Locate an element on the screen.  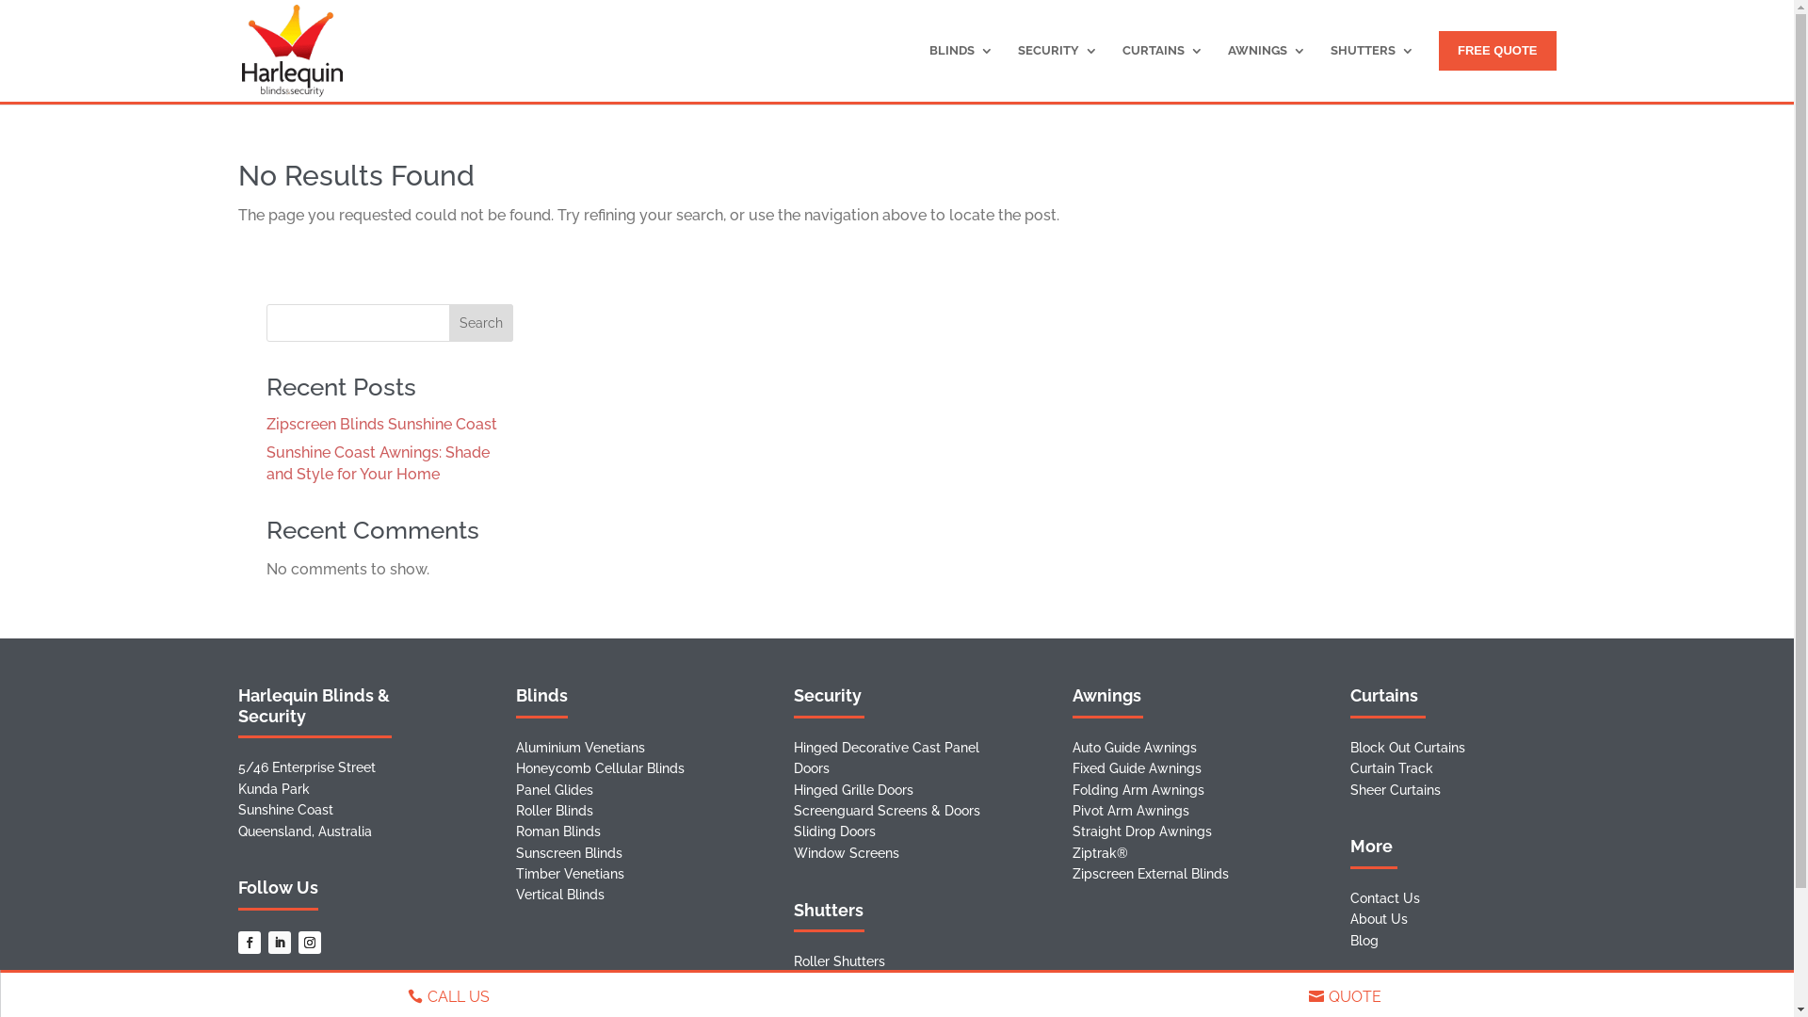
'Aluminium Venetians' is located at coordinates (579, 747).